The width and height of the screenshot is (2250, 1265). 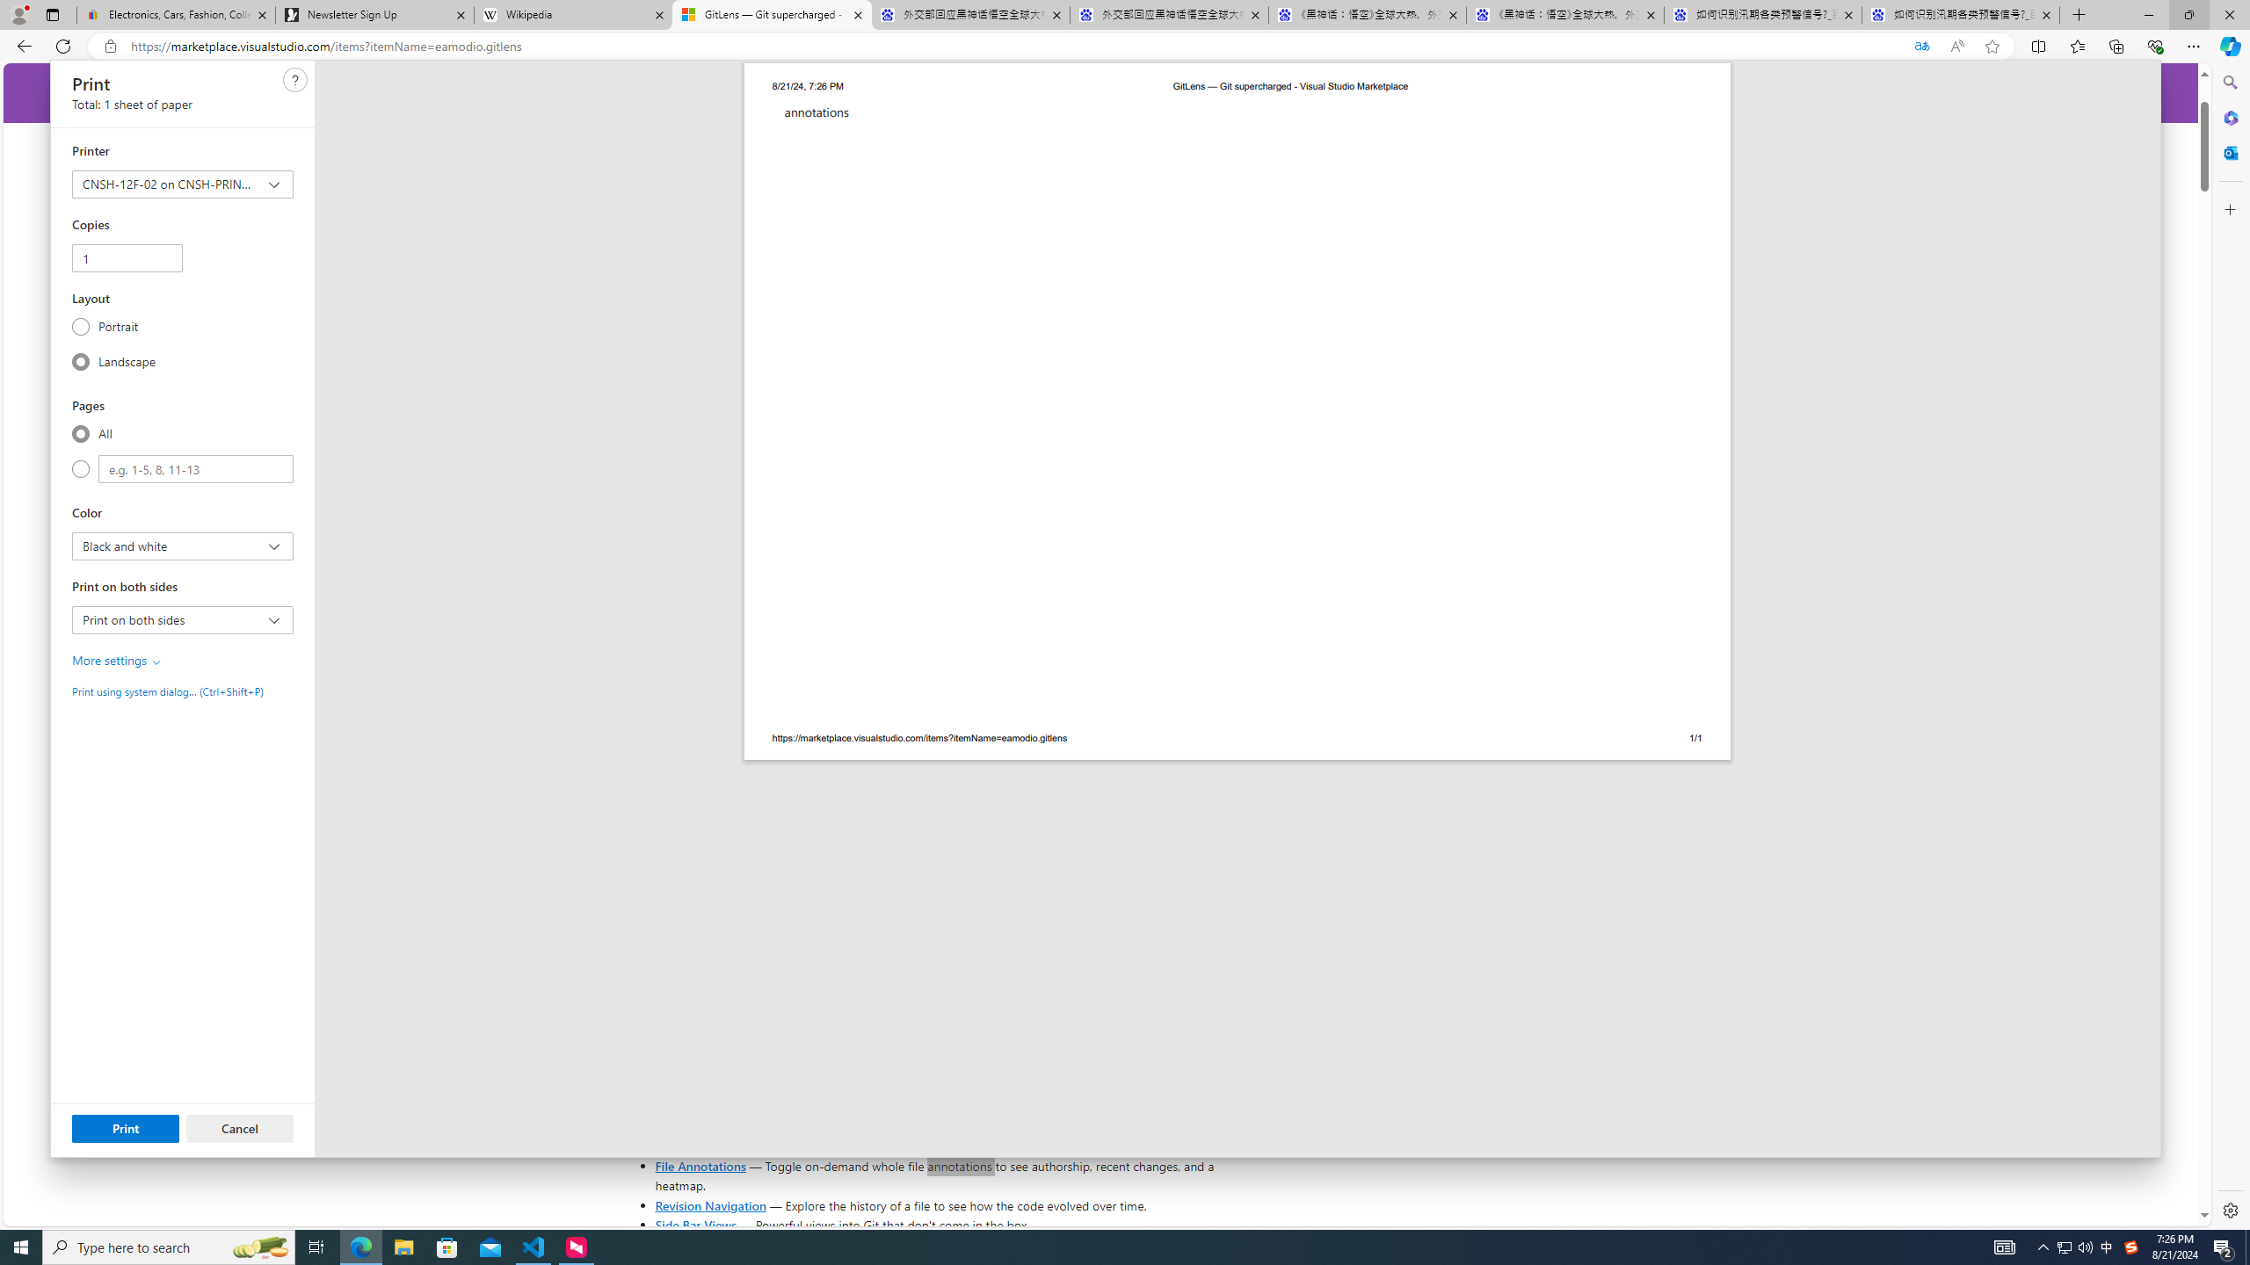 What do you see at coordinates (239, 1127) in the screenshot?
I see `'Cancel'` at bounding box center [239, 1127].